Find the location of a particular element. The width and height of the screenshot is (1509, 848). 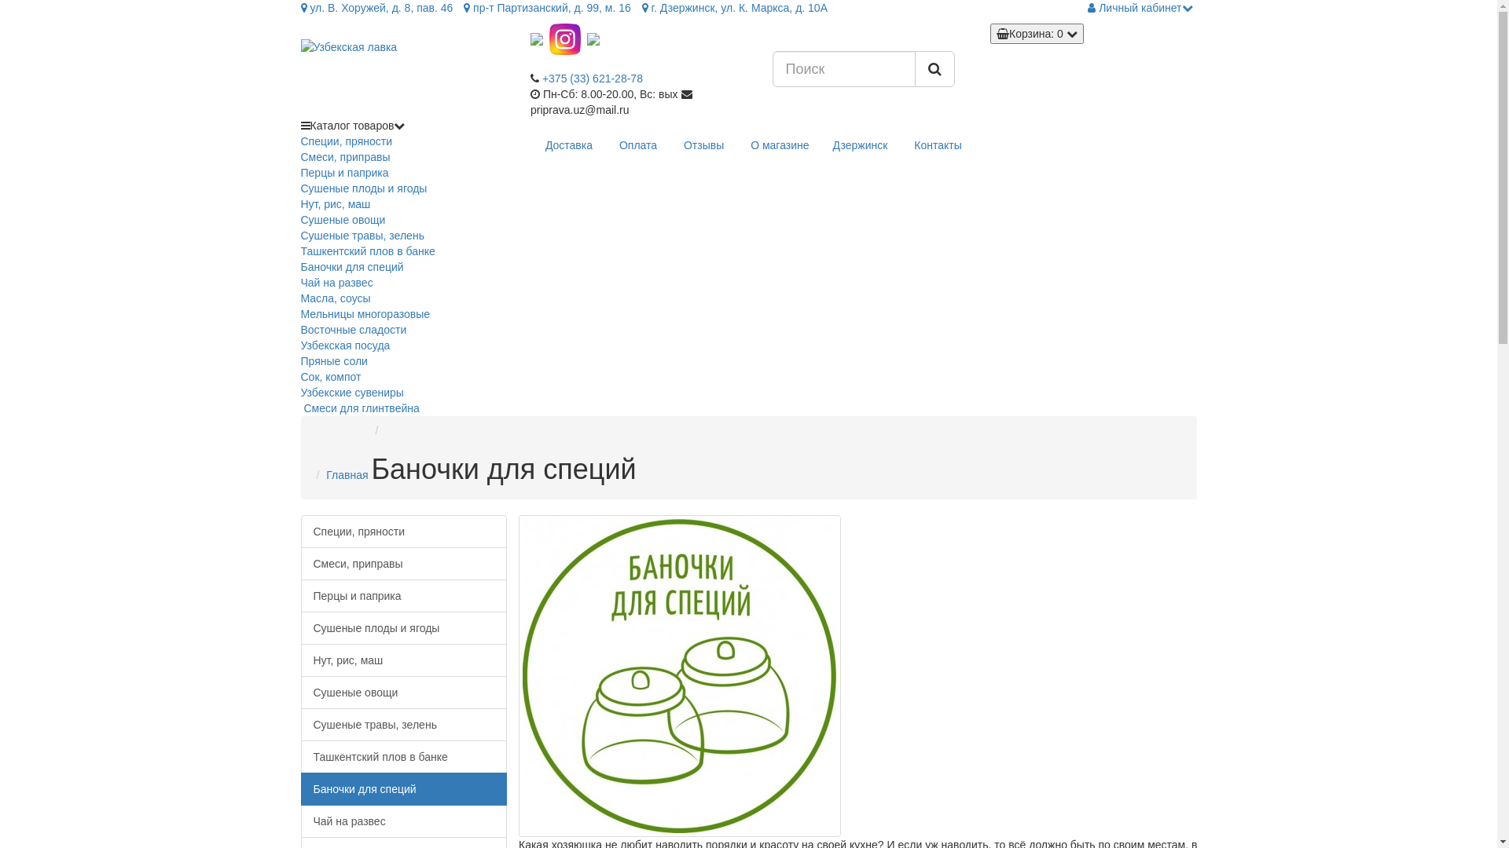

'+375 (33) 621-28-78' is located at coordinates (591, 79).